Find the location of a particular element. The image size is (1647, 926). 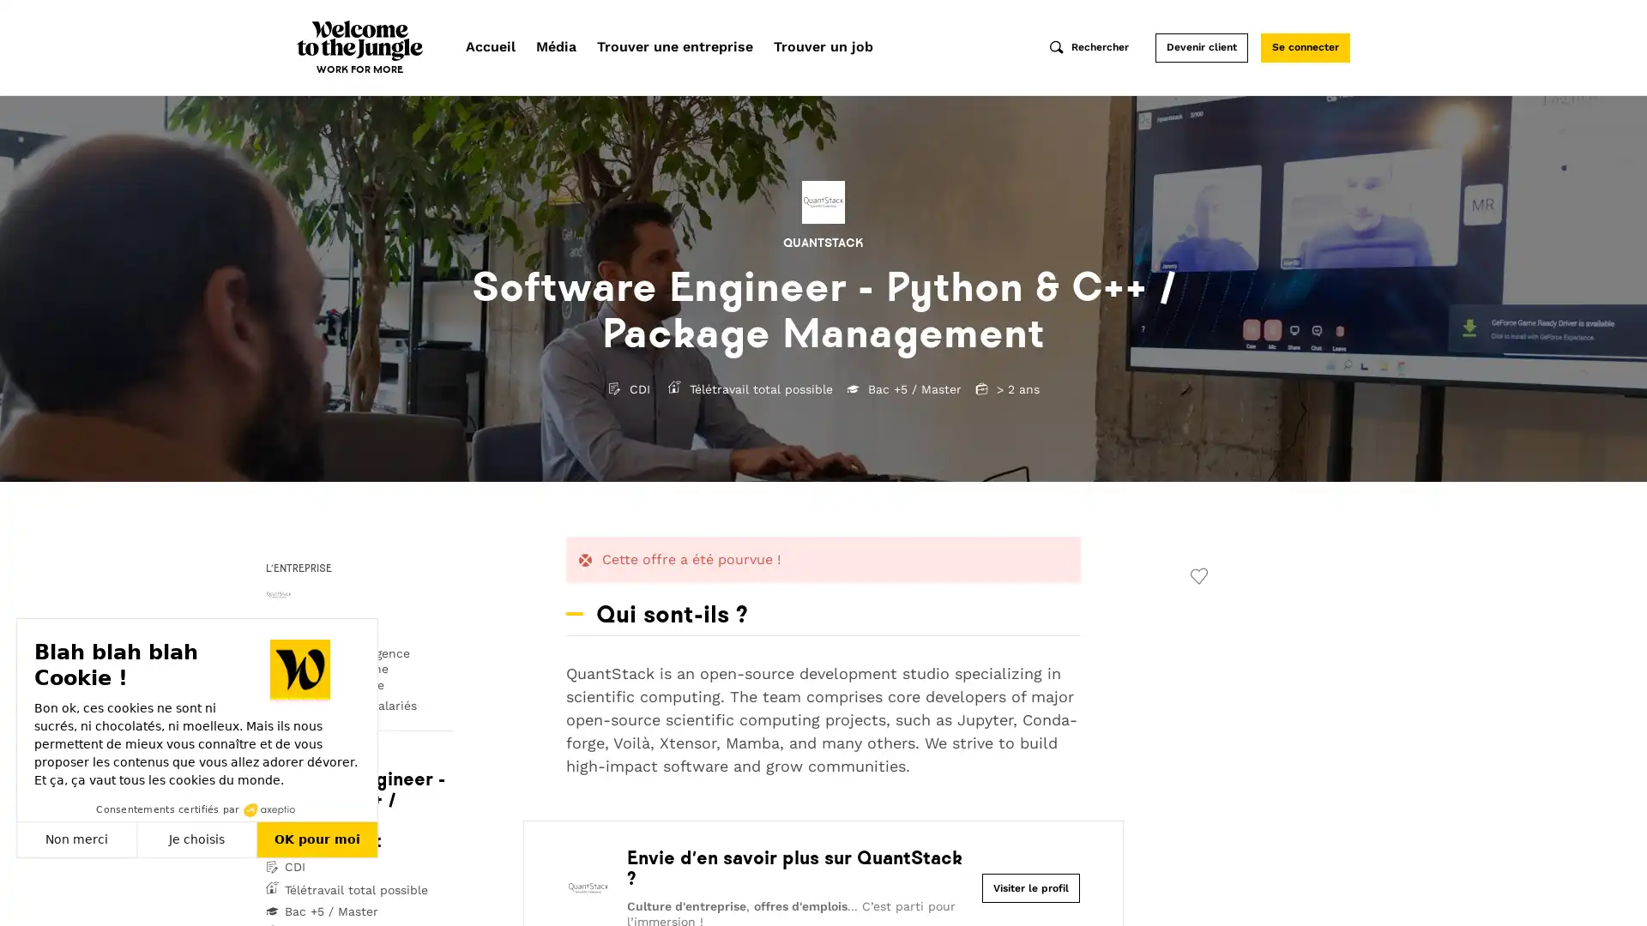

Consentements certifies par is located at coordinates (196, 809).